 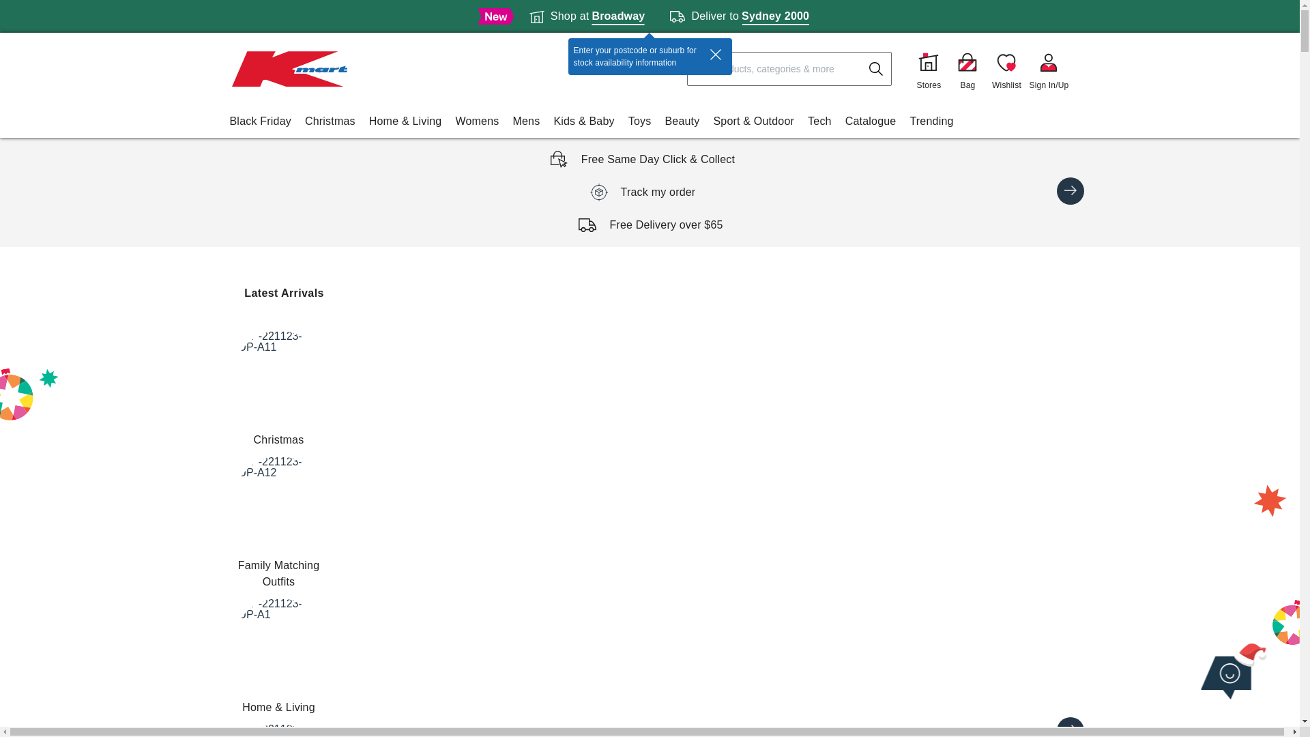 I want to click on 'Mens', so click(x=525, y=120).